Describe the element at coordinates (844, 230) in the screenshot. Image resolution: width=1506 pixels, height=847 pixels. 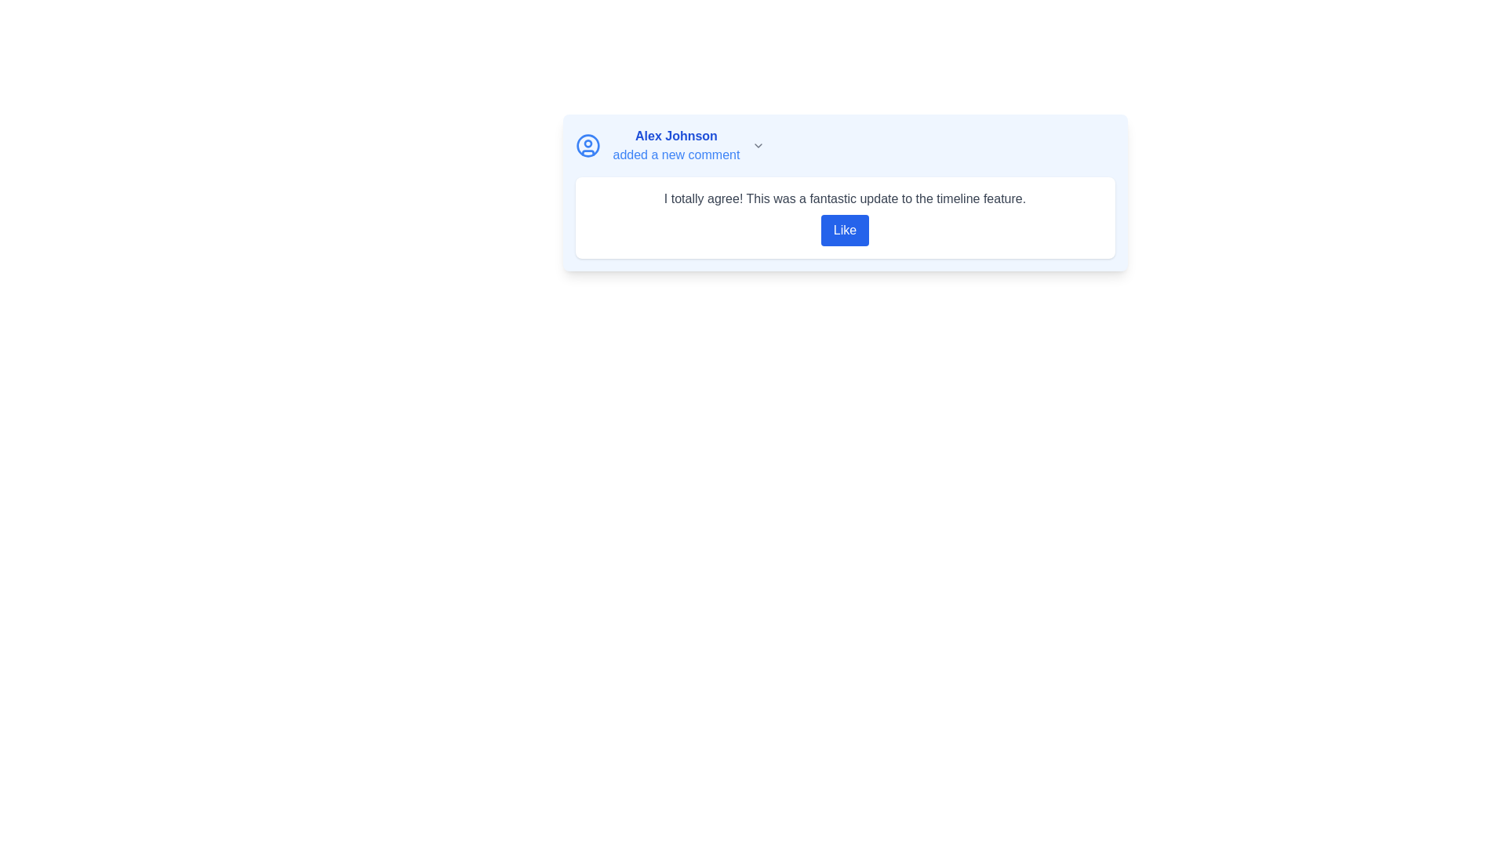
I see `the 'Like' button located at the bottom right corner of the comment section, which has a vibrant blue background and white text` at that location.